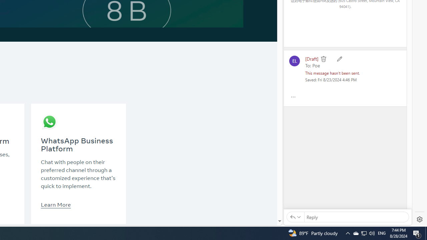 The height and width of the screenshot is (240, 427). I want to click on 'Contact card for Eugene Ledger', so click(294, 61).